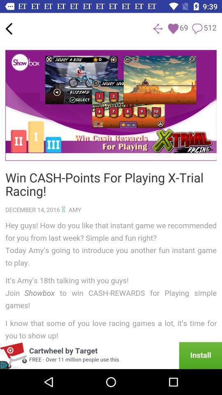 This screenshot has width=222, height=395. I want to click on go back, so click(8, 28).